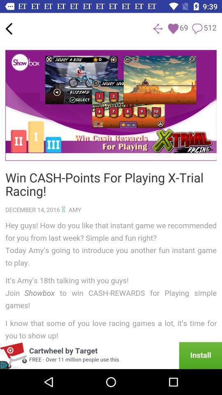 This screenshot has width=222, height=395. I want to click on go back, so click(8, 28).